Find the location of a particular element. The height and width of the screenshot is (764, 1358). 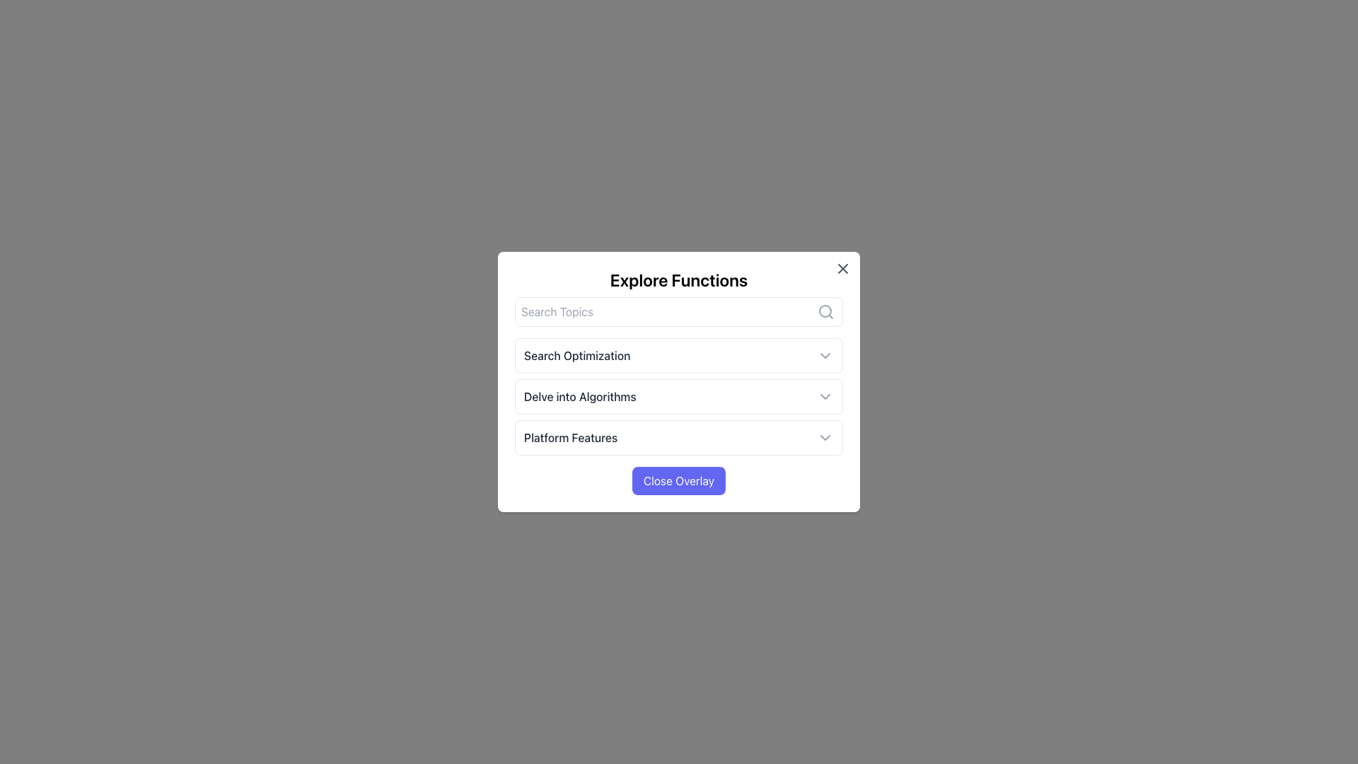

the text label displaying 'Delve into Algorithms' in dark gray font, centrally positioned in the modal's middle section is located at coordinates (580, 396).